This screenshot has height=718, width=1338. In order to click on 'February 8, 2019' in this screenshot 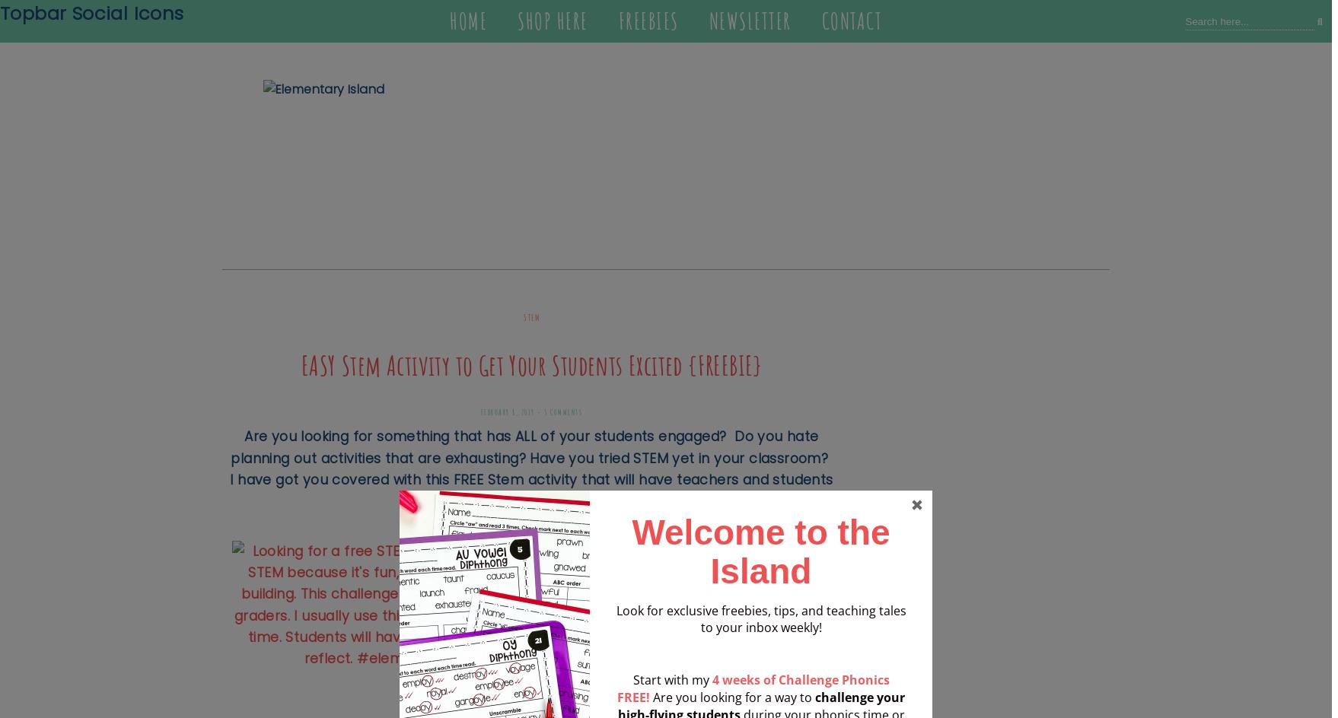, I will do `click(479, 411)`.